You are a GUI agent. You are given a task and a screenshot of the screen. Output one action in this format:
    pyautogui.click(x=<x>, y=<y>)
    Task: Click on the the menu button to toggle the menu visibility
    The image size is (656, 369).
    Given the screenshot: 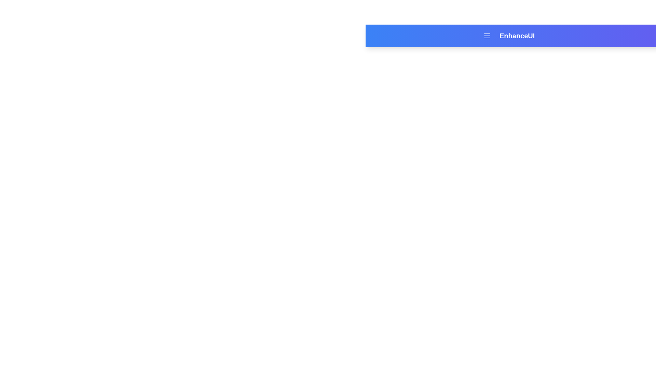 What is the action you would take?
    pyautogui.click(x=487, y=36)
    